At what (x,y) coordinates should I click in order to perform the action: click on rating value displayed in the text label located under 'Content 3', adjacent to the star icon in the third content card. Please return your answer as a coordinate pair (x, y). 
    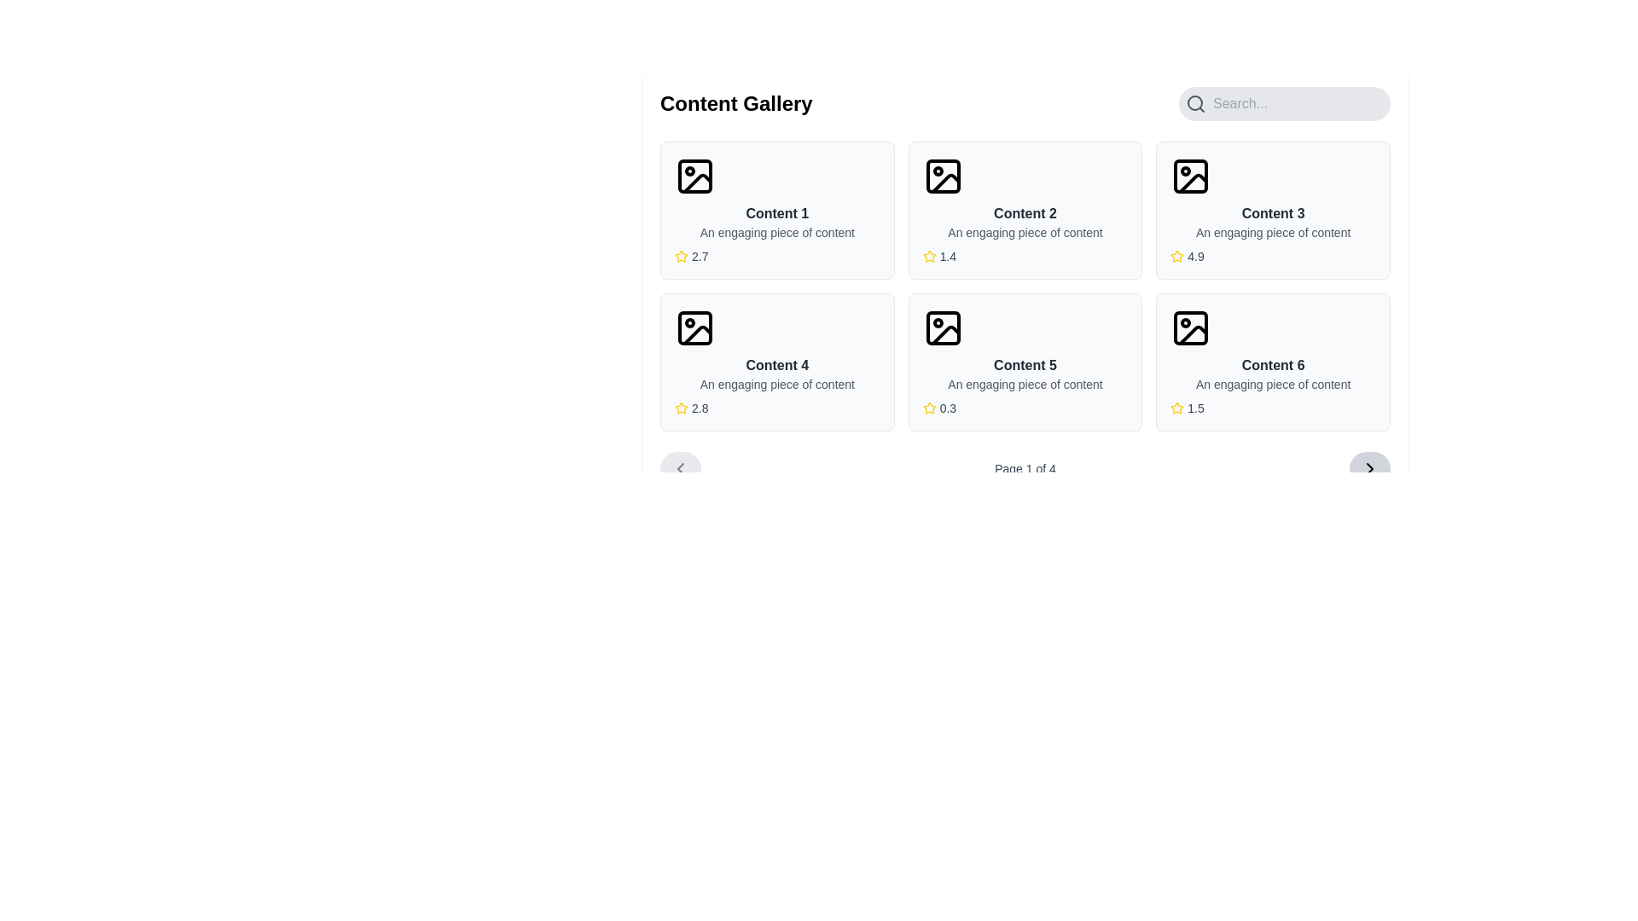
    Looking at the image, I should click on (1194, 256).